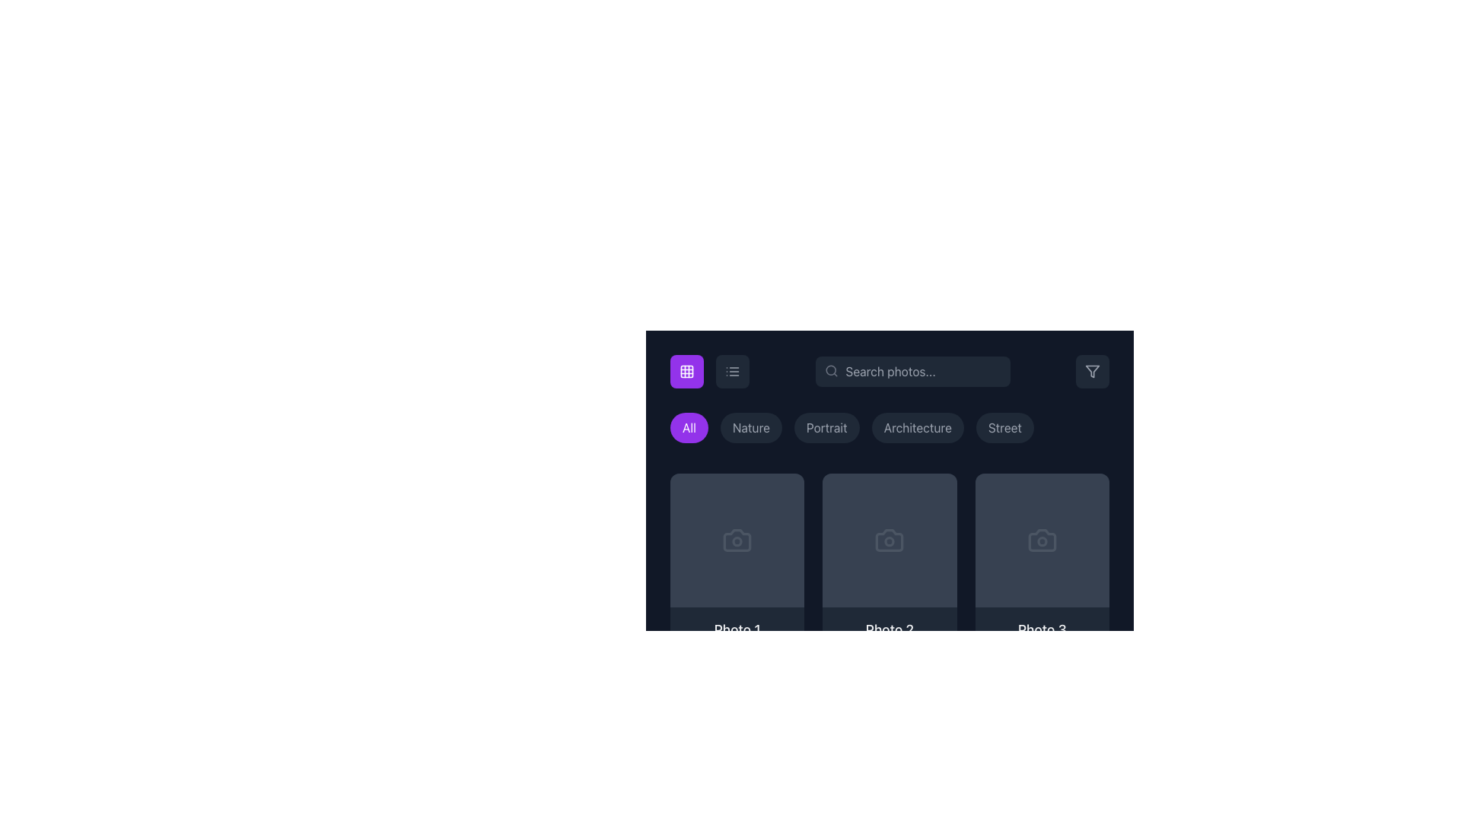 This screenshot has height=821, width=1461. I want to click on the layout icon button, represented by three horizontal lines, so click(733, 372).